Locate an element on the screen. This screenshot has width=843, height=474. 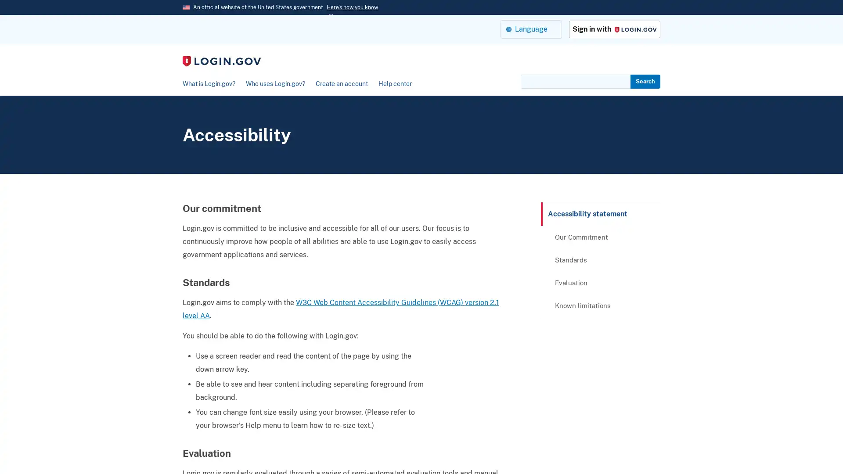
Language is located at coordinates (530, 29).